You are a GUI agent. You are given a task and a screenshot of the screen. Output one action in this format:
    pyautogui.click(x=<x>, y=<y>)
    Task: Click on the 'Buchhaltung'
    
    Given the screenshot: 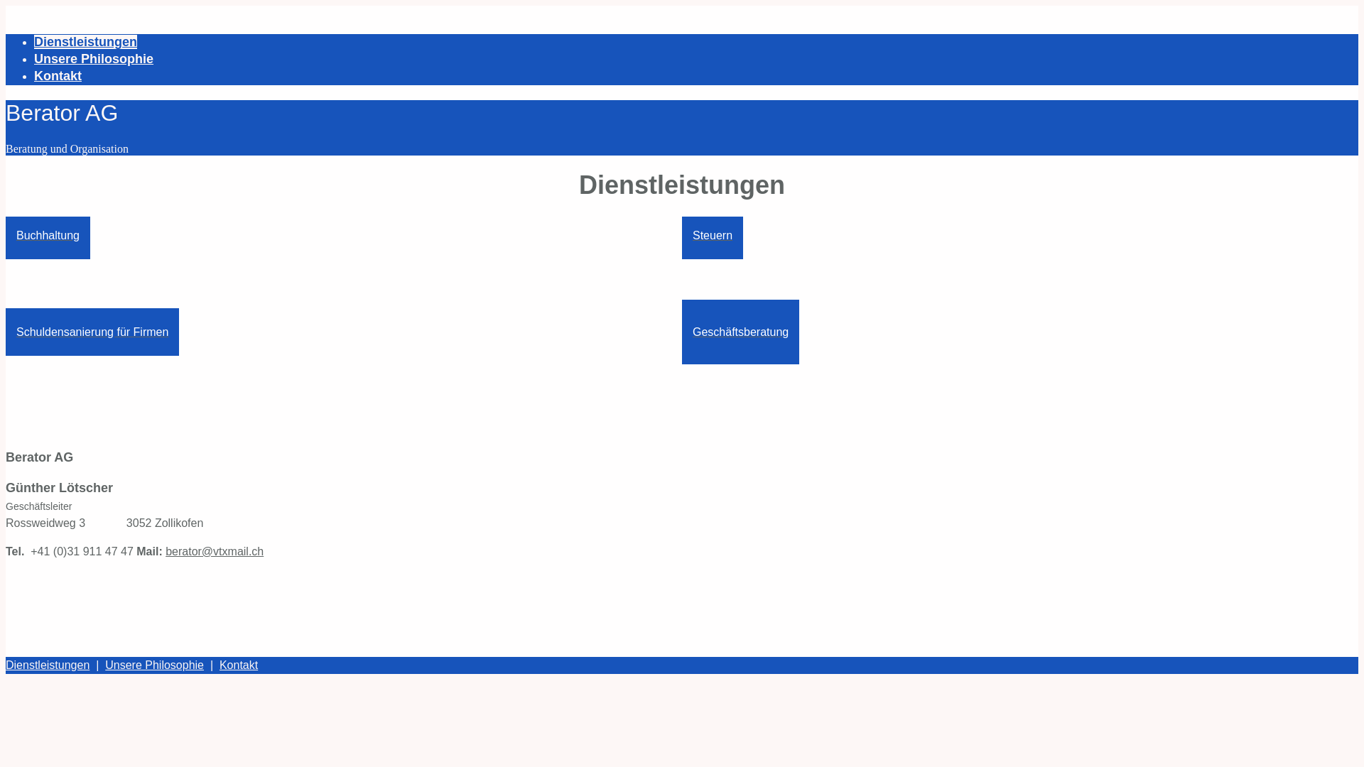 What is the action you would take?
    pyautogui.click(x=6, y=234)
    